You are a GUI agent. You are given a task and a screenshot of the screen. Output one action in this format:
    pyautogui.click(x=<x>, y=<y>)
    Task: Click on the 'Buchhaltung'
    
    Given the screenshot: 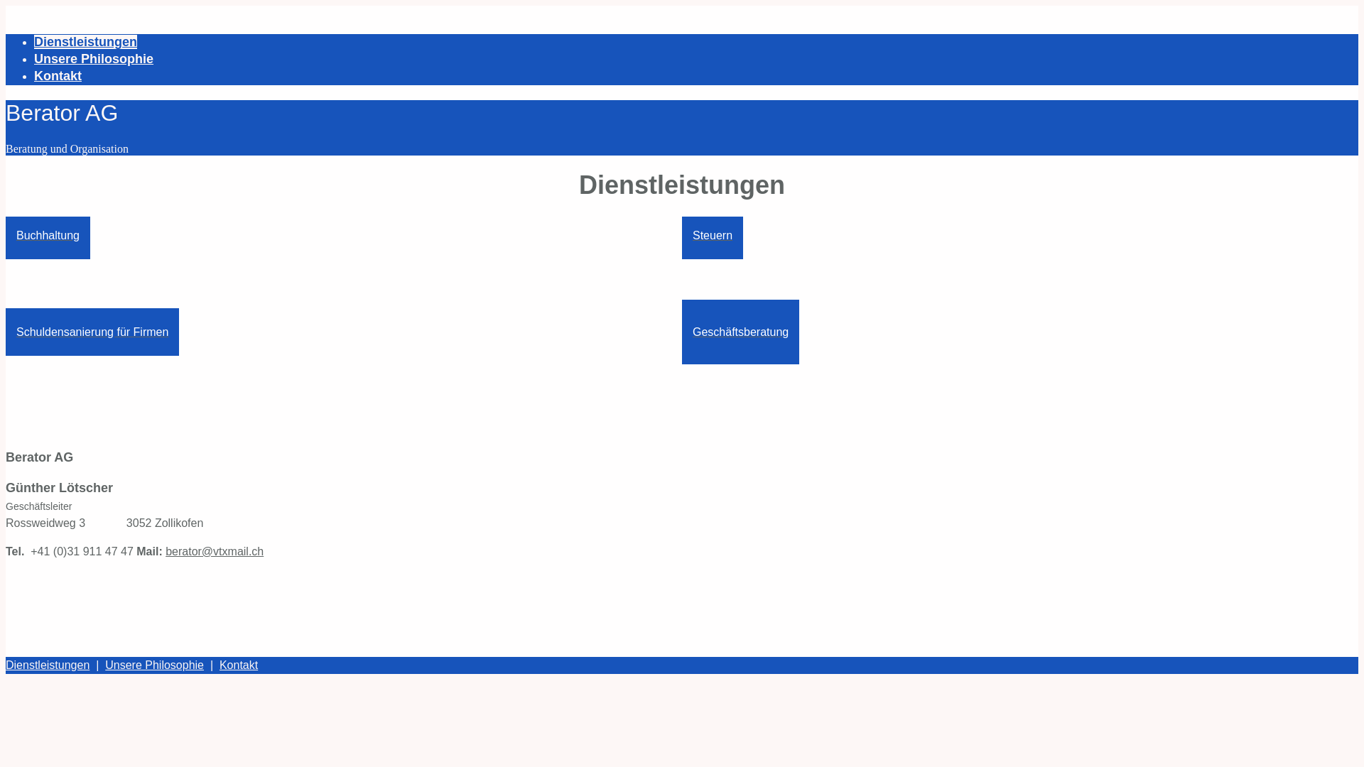 What is the action you would take?
    pyautogui.click(x=6, y=234)
    